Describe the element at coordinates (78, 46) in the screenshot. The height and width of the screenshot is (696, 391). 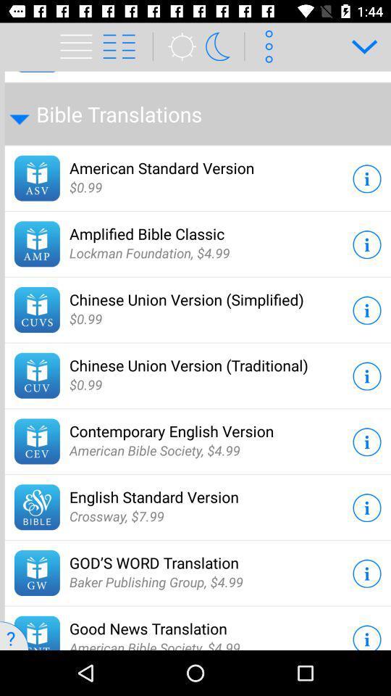
I see `the menu icon` at that location.